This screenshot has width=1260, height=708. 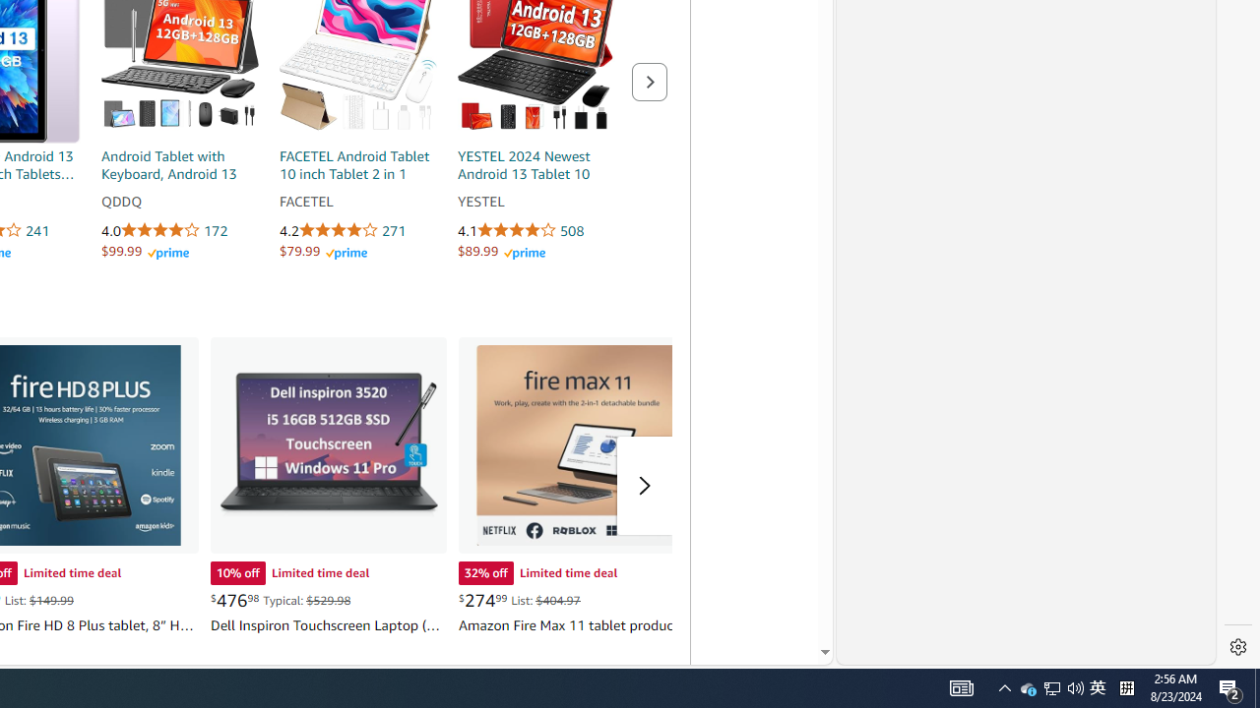 What do you see at coordinates (179, 202) in the screenshot?
I see `'QDDQ'` at bounding box center [179, 202].